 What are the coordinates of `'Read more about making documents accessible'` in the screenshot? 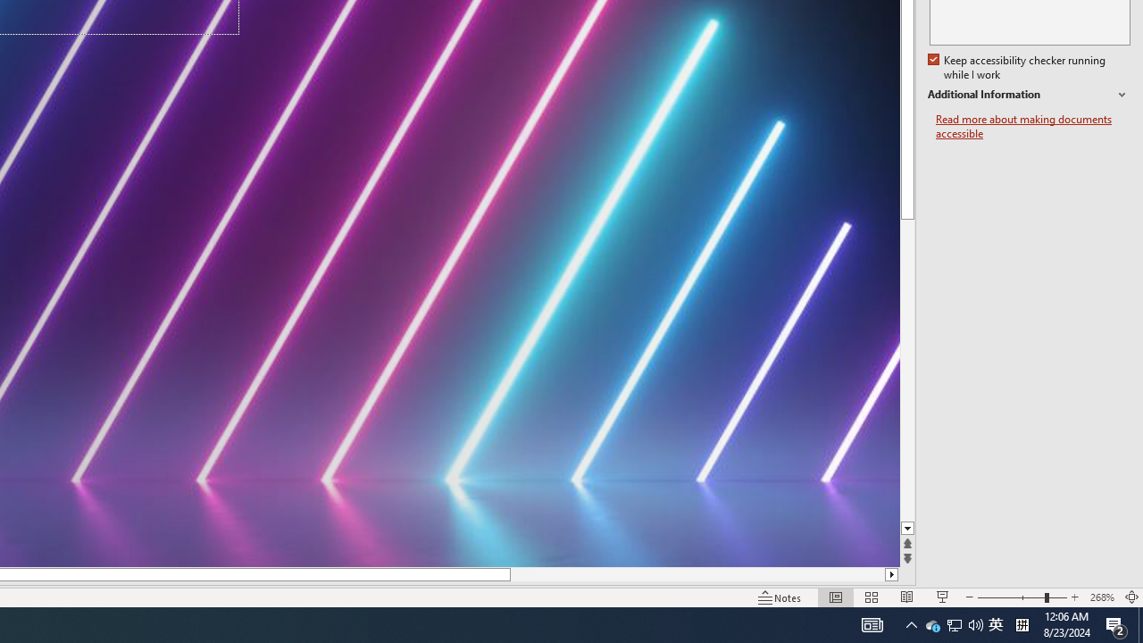 It's located at (1033, 126).